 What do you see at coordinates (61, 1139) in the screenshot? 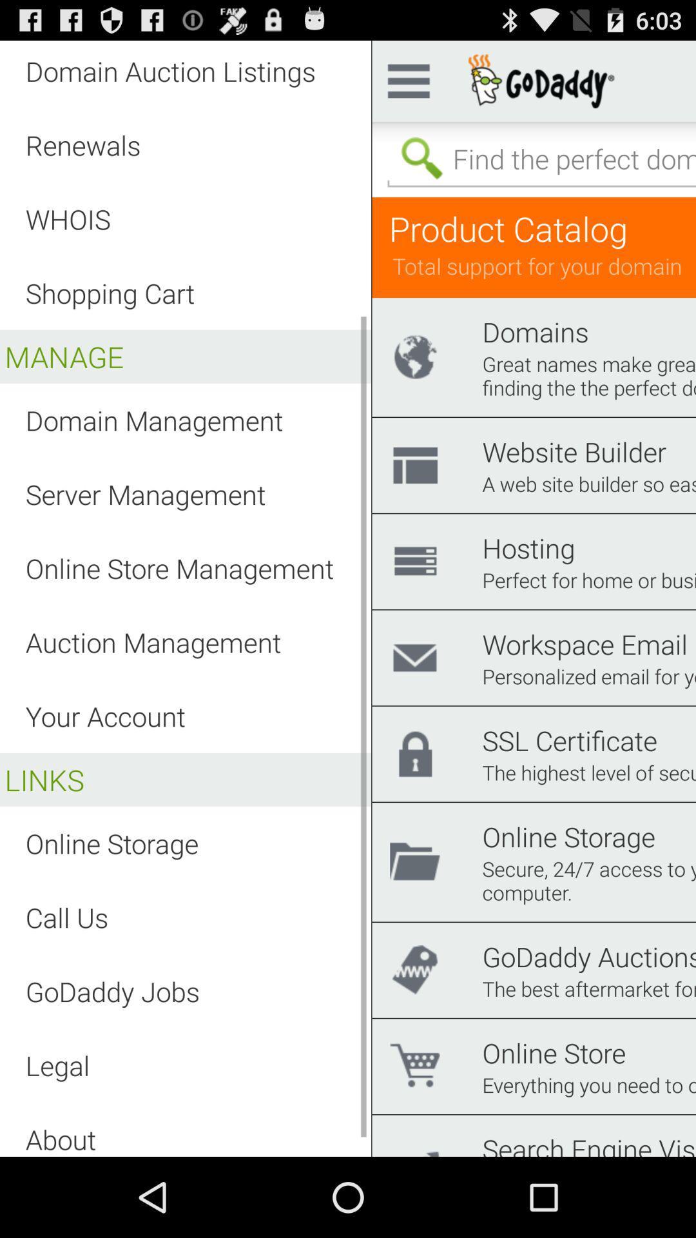
I see `about app` at bounding box center [61, 1139].